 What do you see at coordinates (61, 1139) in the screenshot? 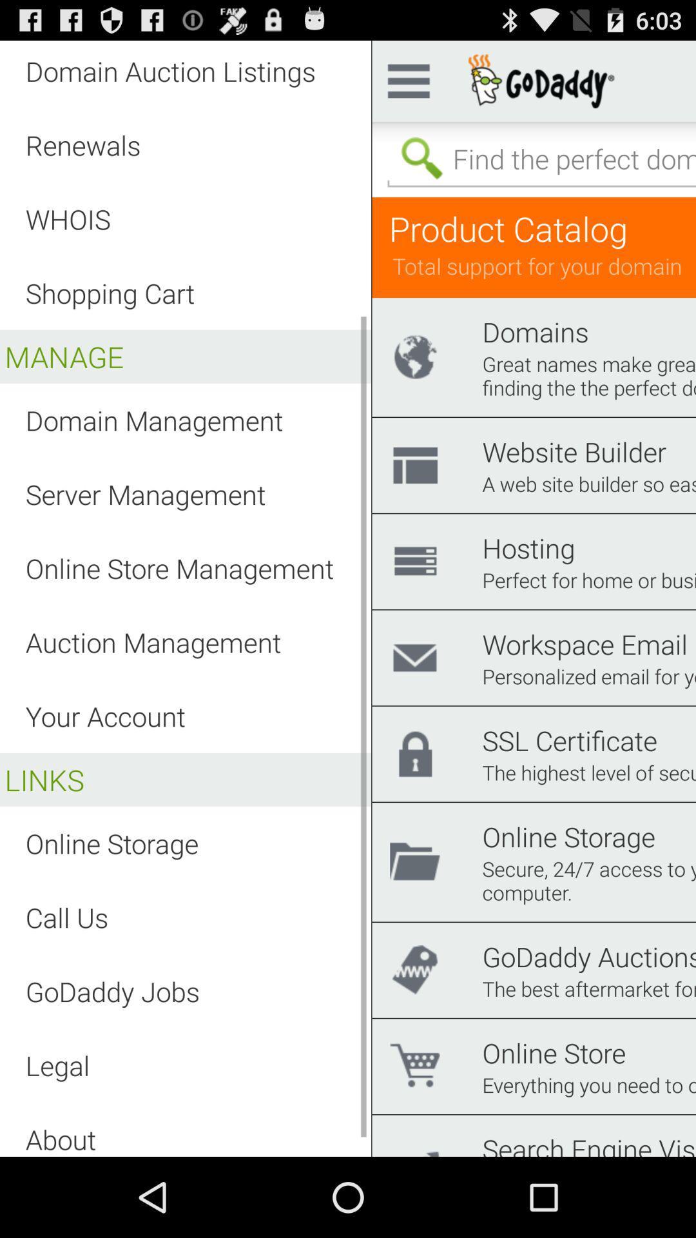
I see `about app` at bounding box center [61, 1139].